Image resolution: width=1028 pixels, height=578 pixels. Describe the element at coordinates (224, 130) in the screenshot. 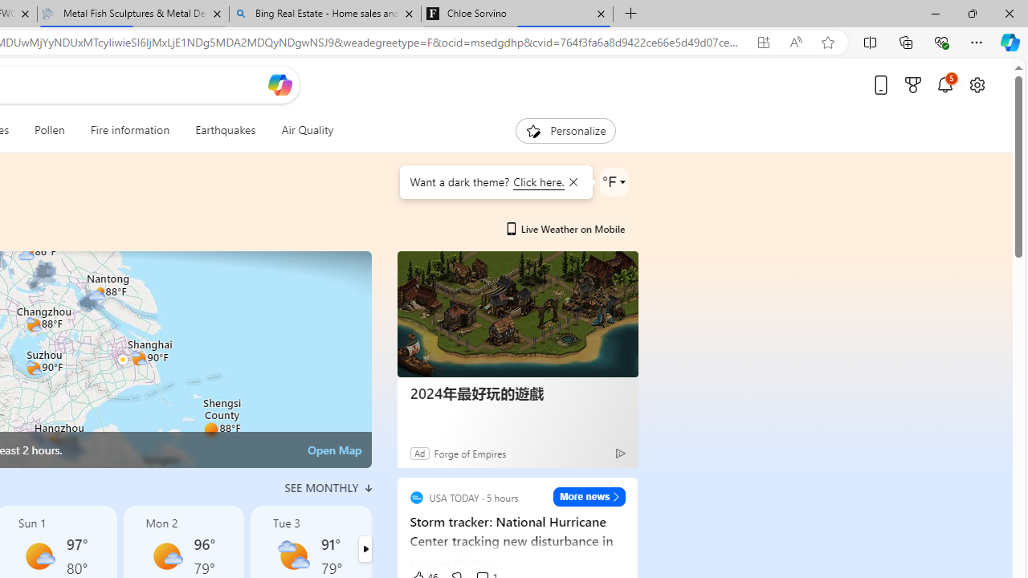

I see `'Earthquakes'` at that location.